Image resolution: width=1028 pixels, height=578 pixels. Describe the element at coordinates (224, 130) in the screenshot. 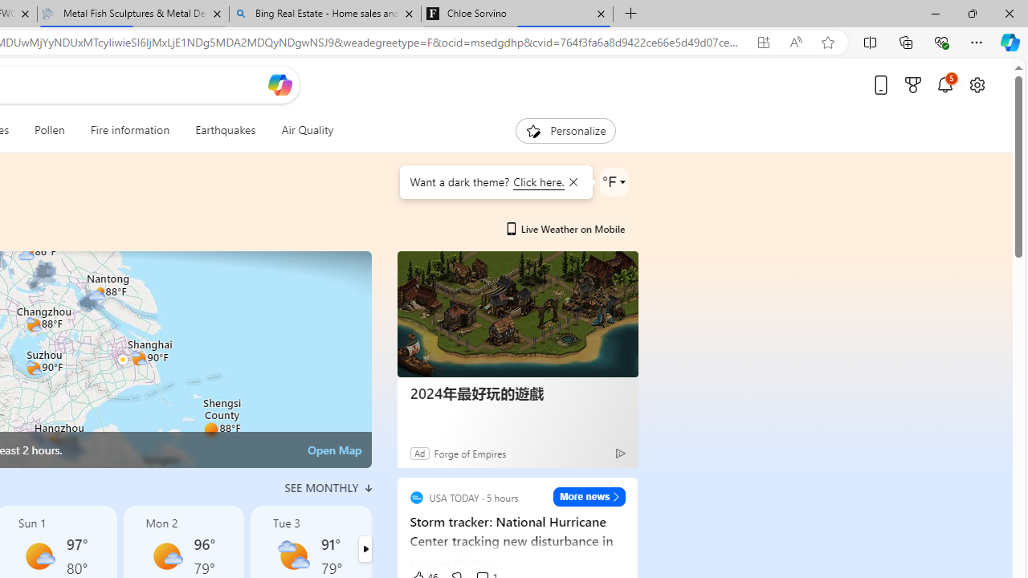

I see `'Earthquakes'` at that location.